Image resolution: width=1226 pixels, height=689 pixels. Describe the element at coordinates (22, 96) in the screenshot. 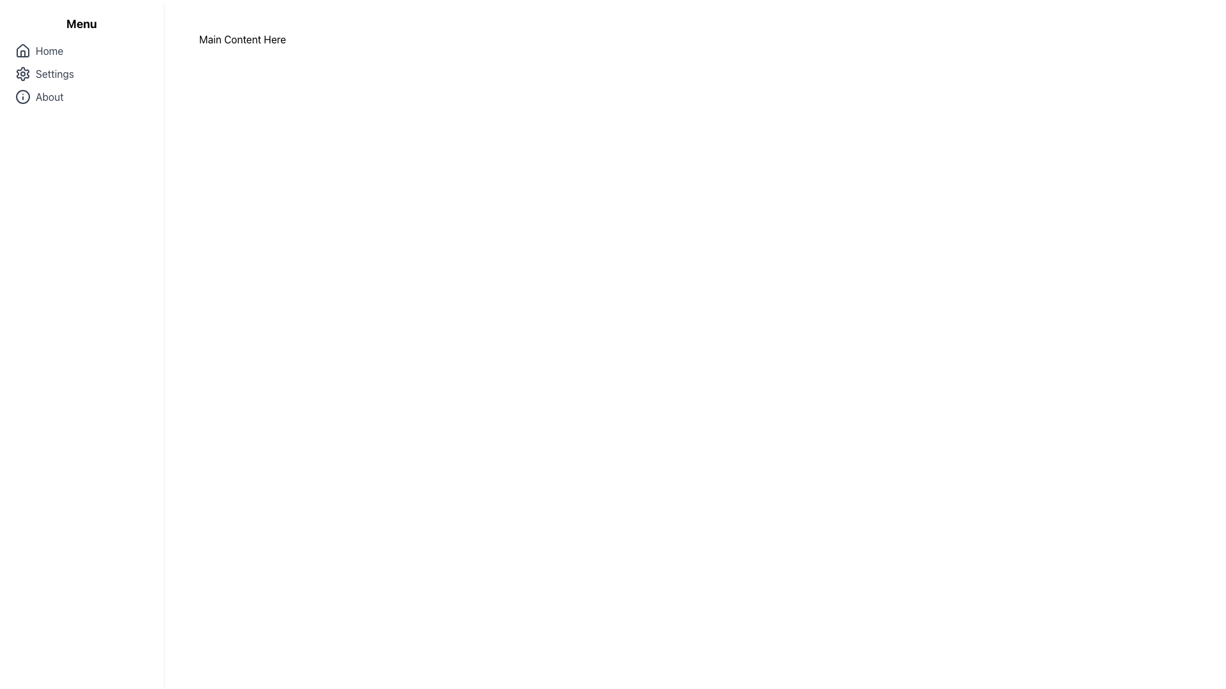

I see `the 'About' icon, which is part of the menu entry indicating informational content, located to the left of the text 'About'` at that location.